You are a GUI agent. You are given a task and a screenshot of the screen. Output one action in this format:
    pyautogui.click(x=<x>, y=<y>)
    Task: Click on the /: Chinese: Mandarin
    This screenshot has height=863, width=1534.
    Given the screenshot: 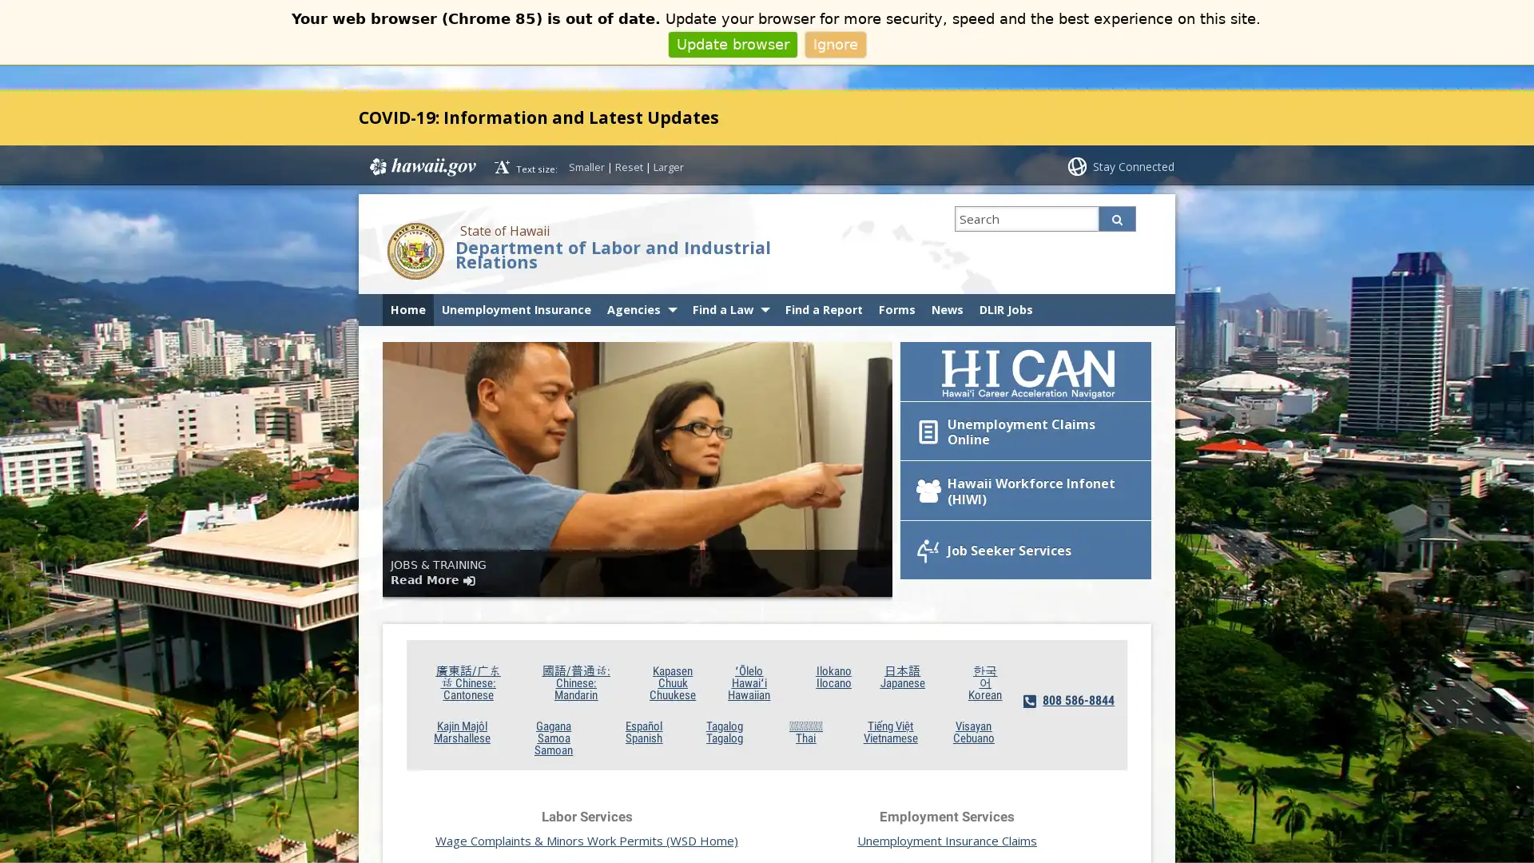 What is the action you would take?
    pyautogui.click(x=575, y=689)
    